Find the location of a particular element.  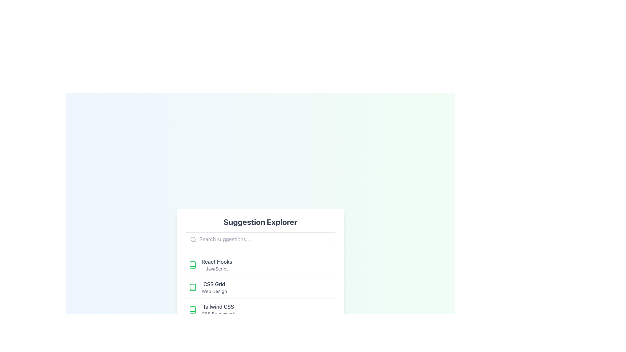

the book icon representing documentation, located to the left of the text 'React Hooks' in the 'Suggestion Explorer' section is located at coordinates (192, 265).